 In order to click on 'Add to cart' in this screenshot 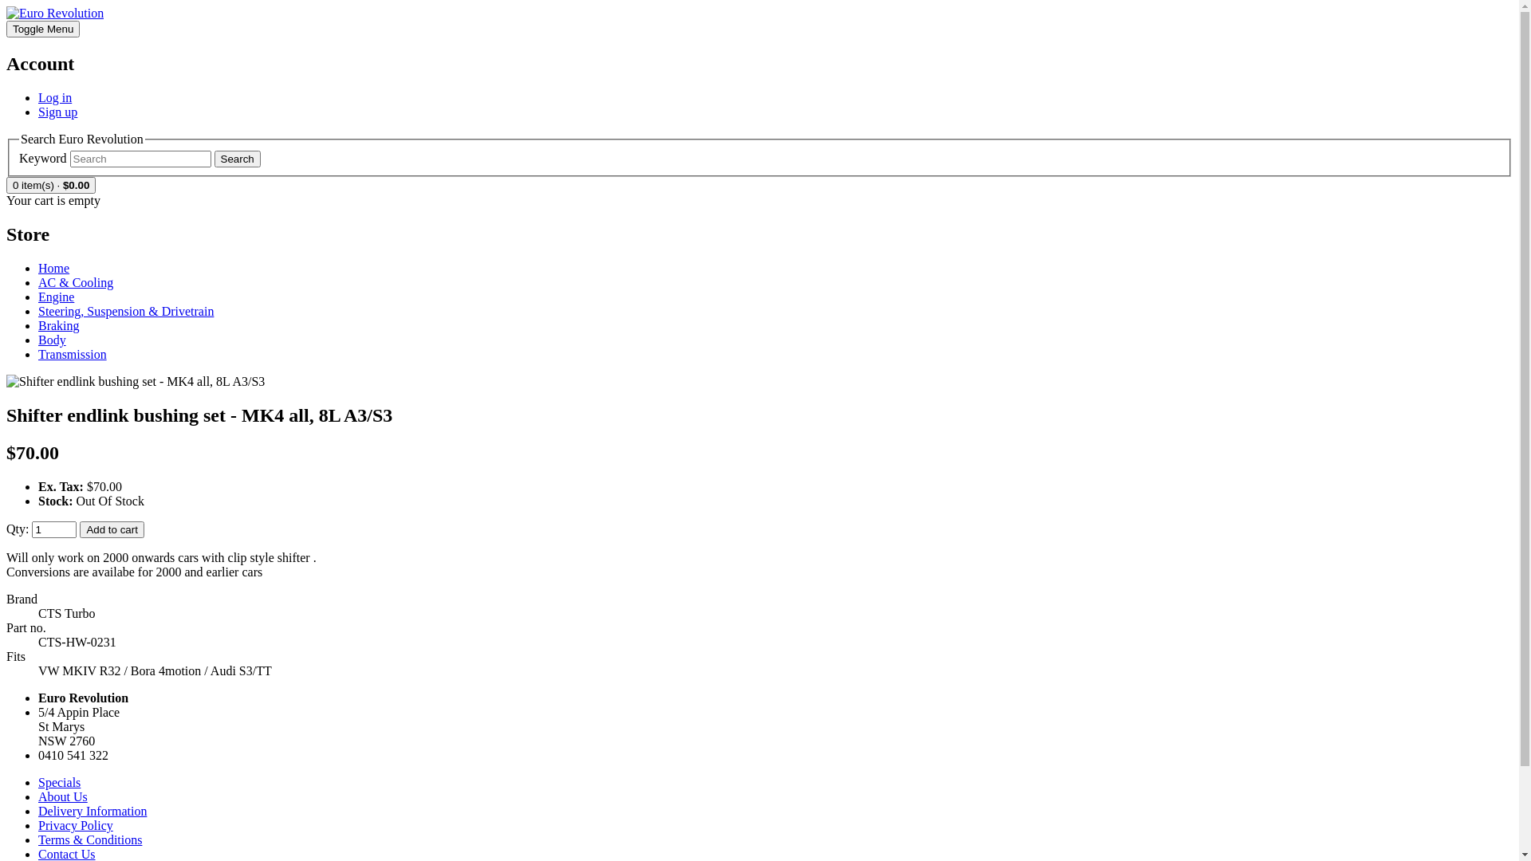, I will do `click(110, 529)`.